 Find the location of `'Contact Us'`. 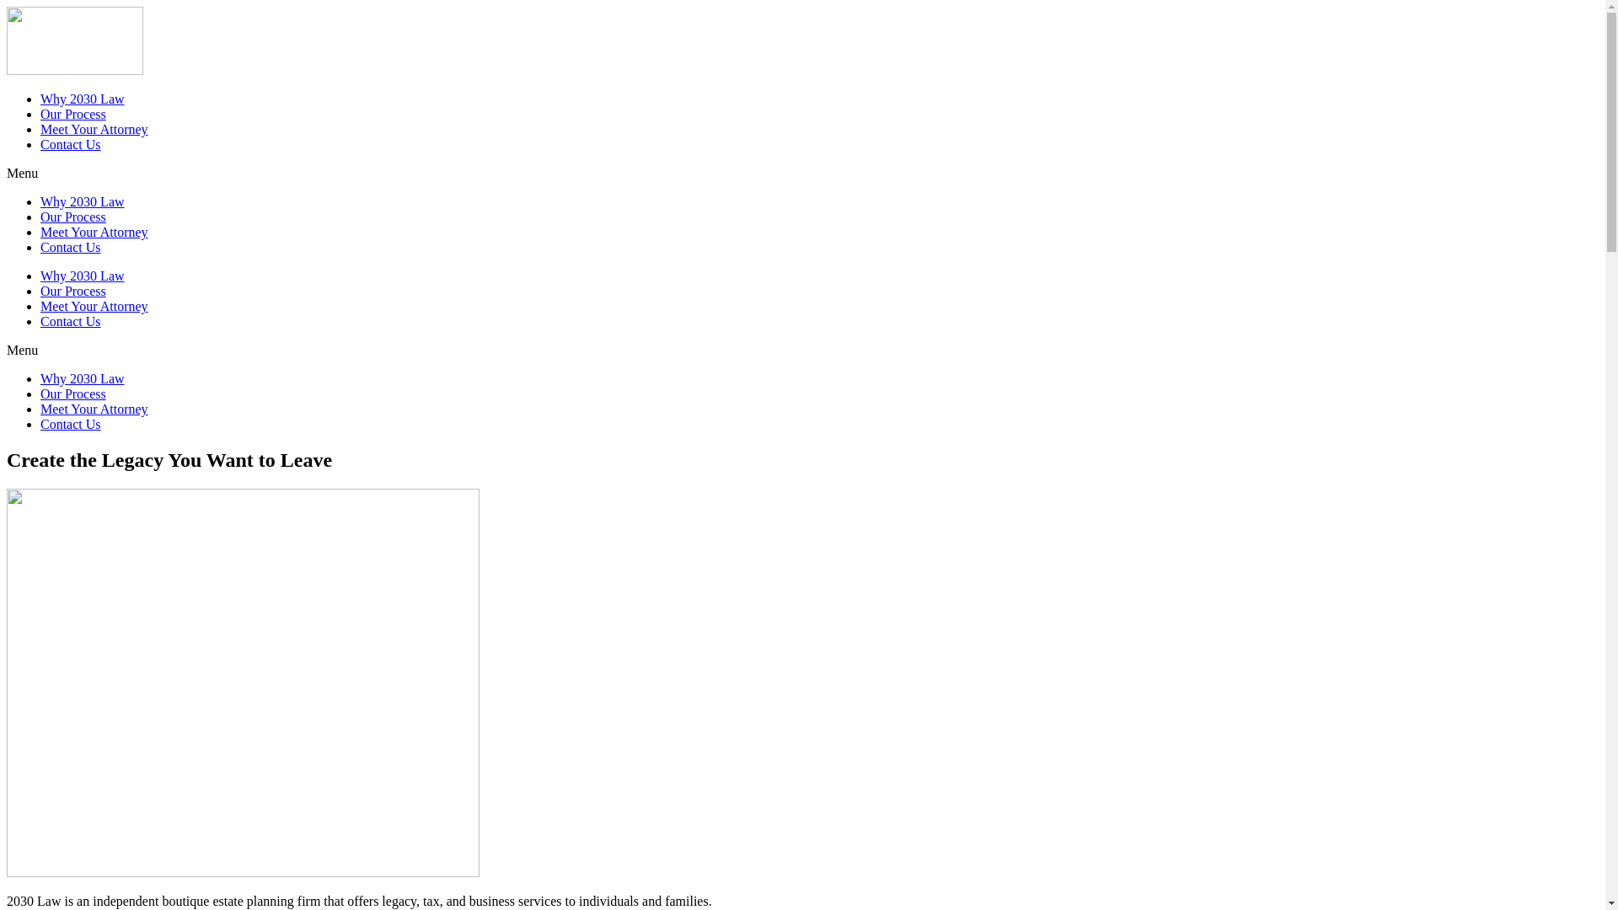

'Contact Us' is located at coordinates (40, 423).